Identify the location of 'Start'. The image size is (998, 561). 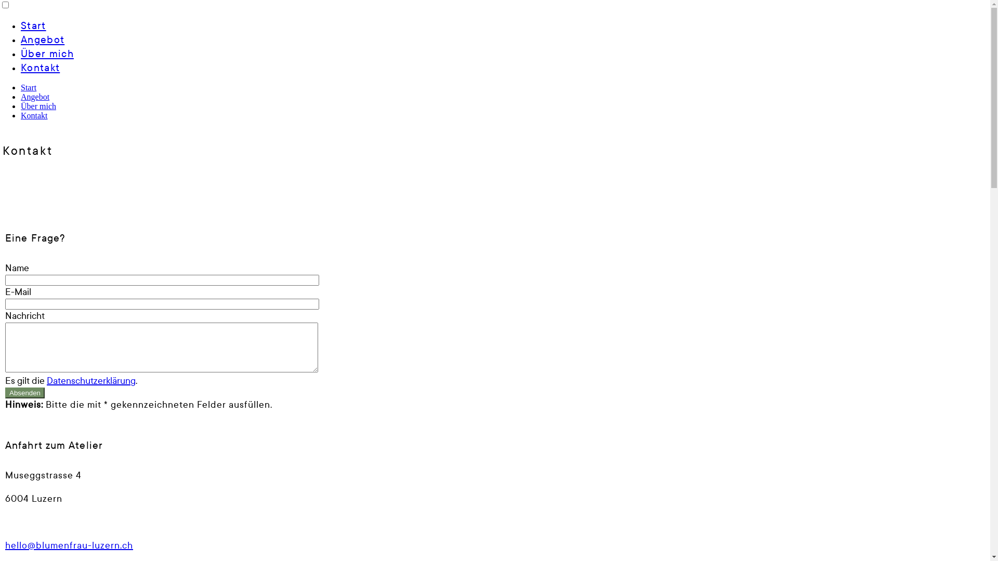
(28, 87).